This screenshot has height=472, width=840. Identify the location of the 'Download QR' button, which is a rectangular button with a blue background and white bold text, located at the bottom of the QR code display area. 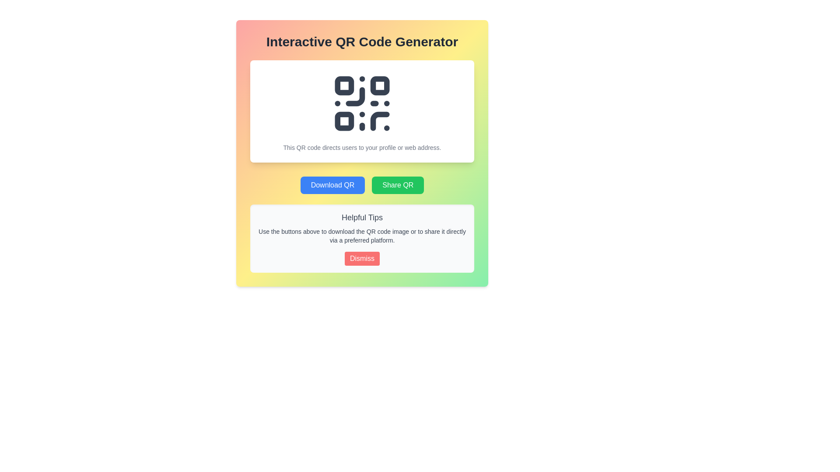
(332, 185).